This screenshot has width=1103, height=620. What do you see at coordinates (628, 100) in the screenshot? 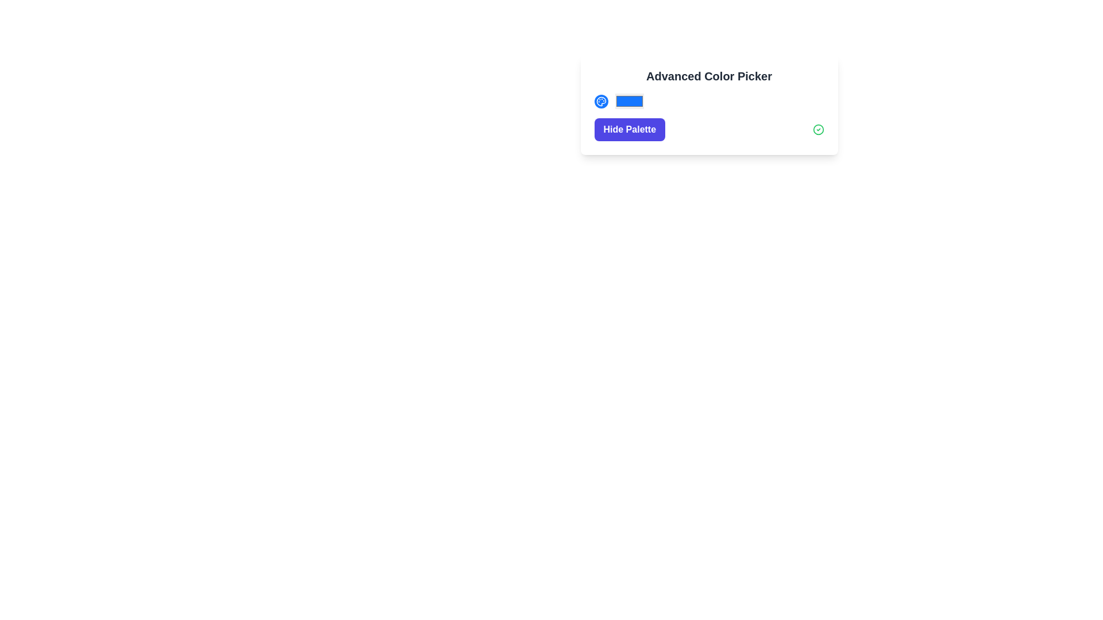
I see `the color input element located beside the circular palette icon in the 'Advanced Color Picker' section` at bounding box center [628, 100].